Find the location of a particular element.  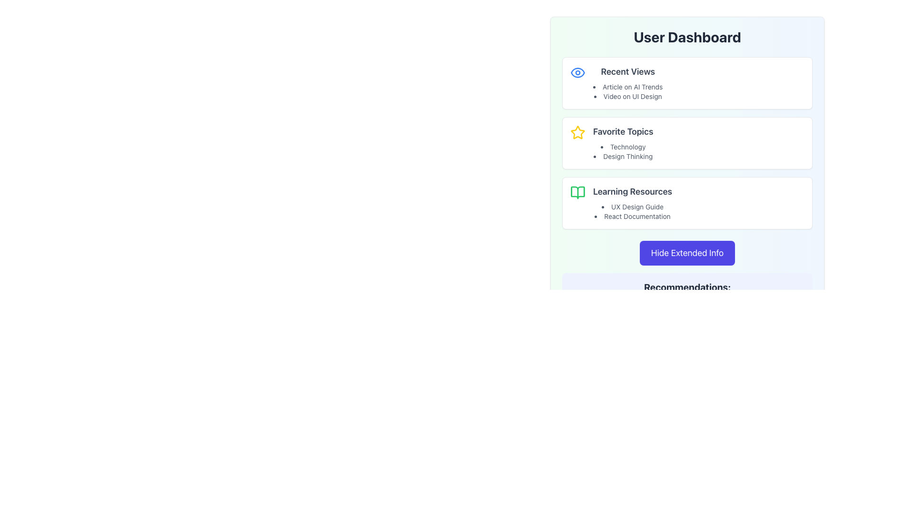

the header of the categorized list located in the lower-middle portion of the user dashboard is located at coordinates (633, 203).